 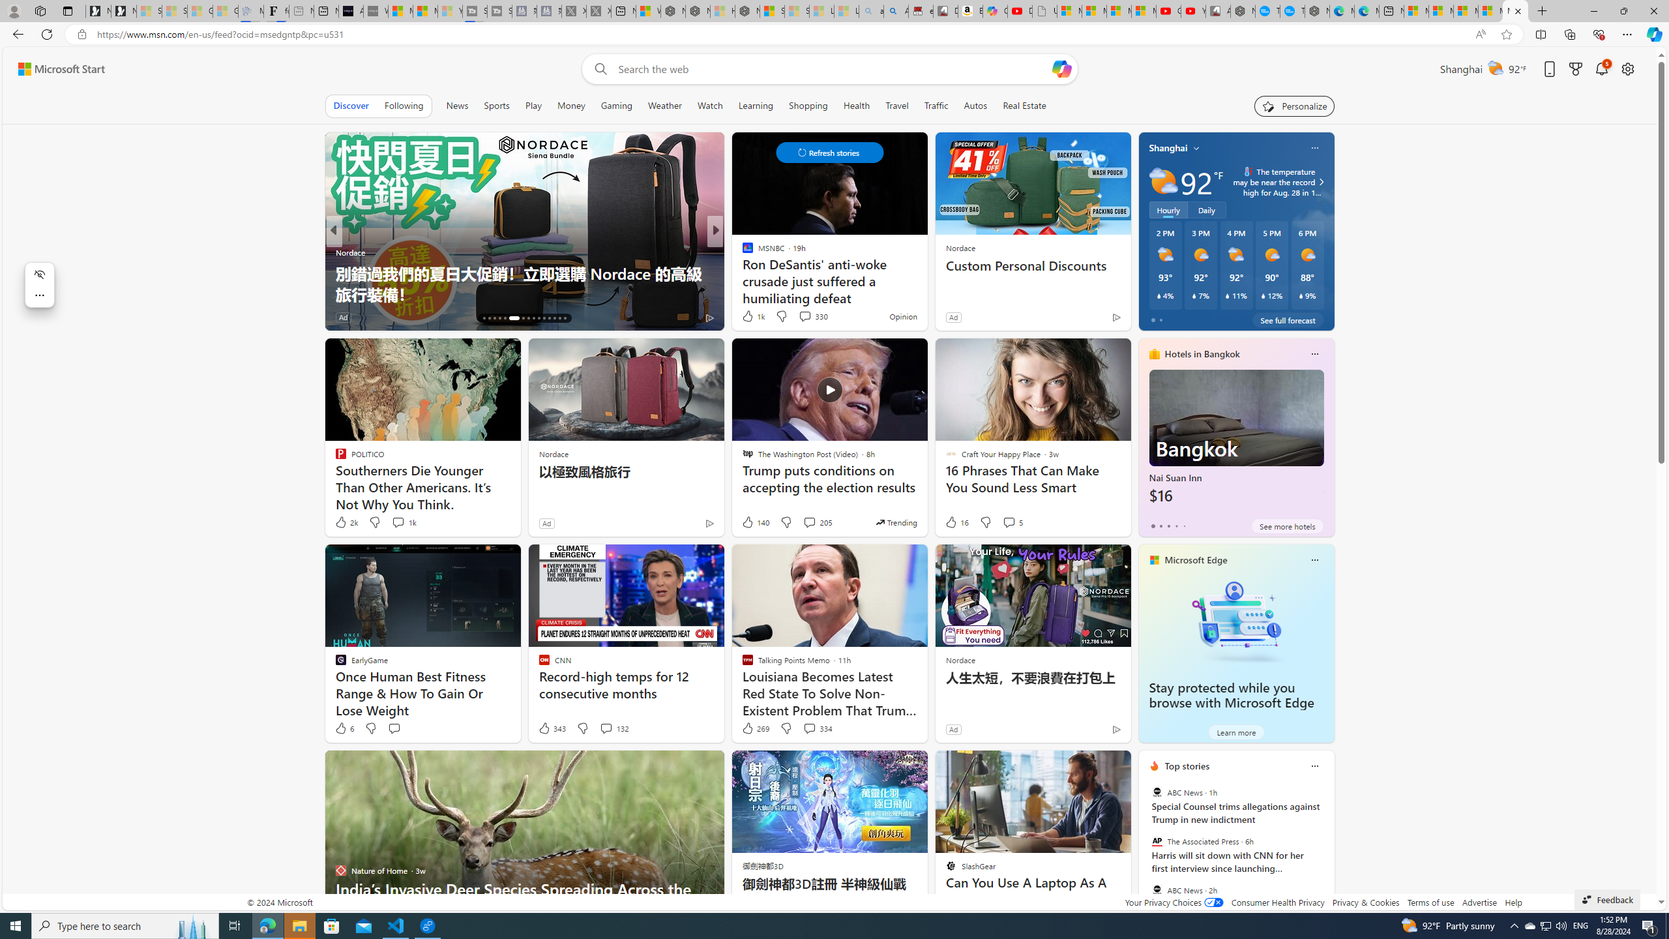 What do you see at coordinates (817, 727) in the screenshot?
I see `'View comments 334 Comment'` at bounding box center [817, 727].